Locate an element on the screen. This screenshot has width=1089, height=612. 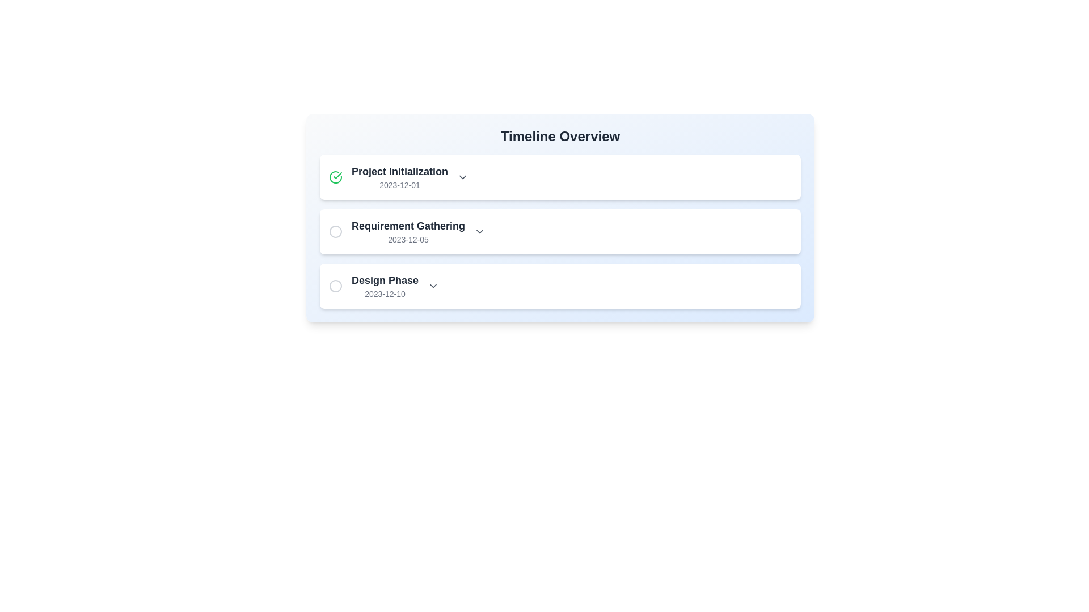
the list item titled 'Requirement Gathering' is located at coordinates (408, 231).